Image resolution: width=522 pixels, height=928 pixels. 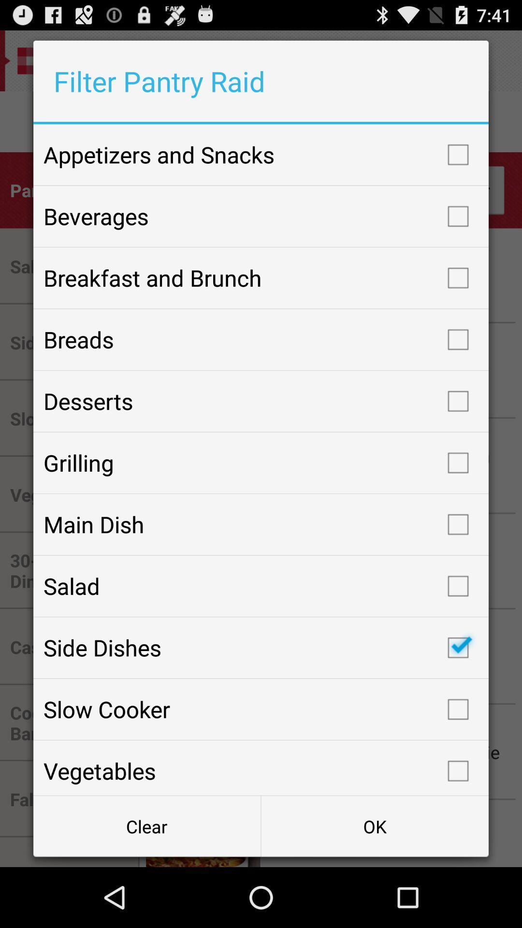 I want to click on appetizers and snacks icon, so click(x=261, y=155).